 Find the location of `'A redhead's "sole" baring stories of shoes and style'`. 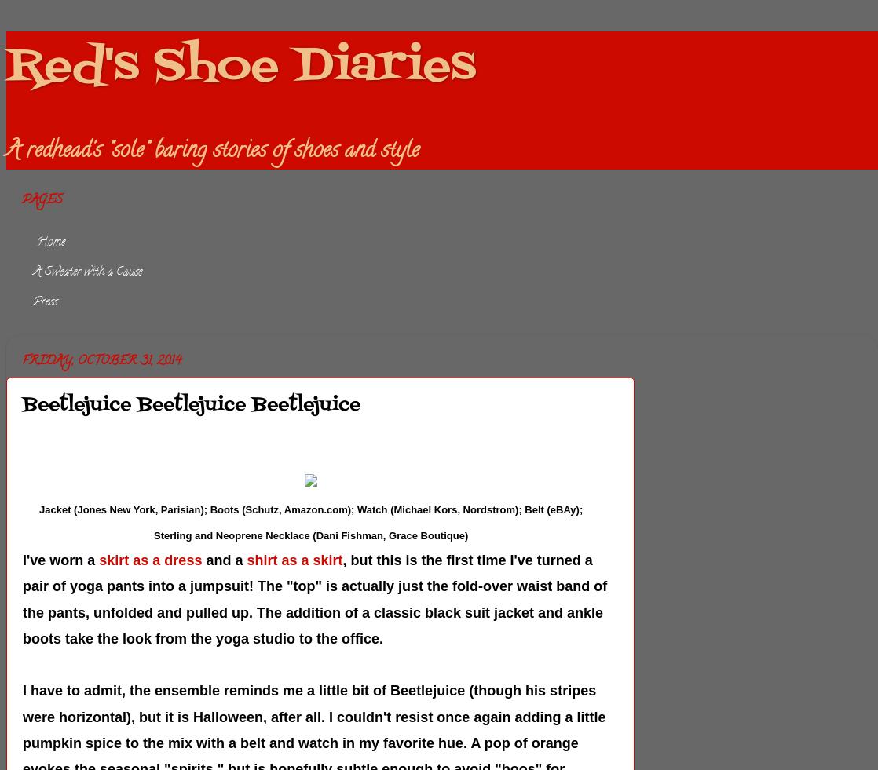

'A redhead's "sole" baring stories of shoes and style' is located at coordinates (6, 151).